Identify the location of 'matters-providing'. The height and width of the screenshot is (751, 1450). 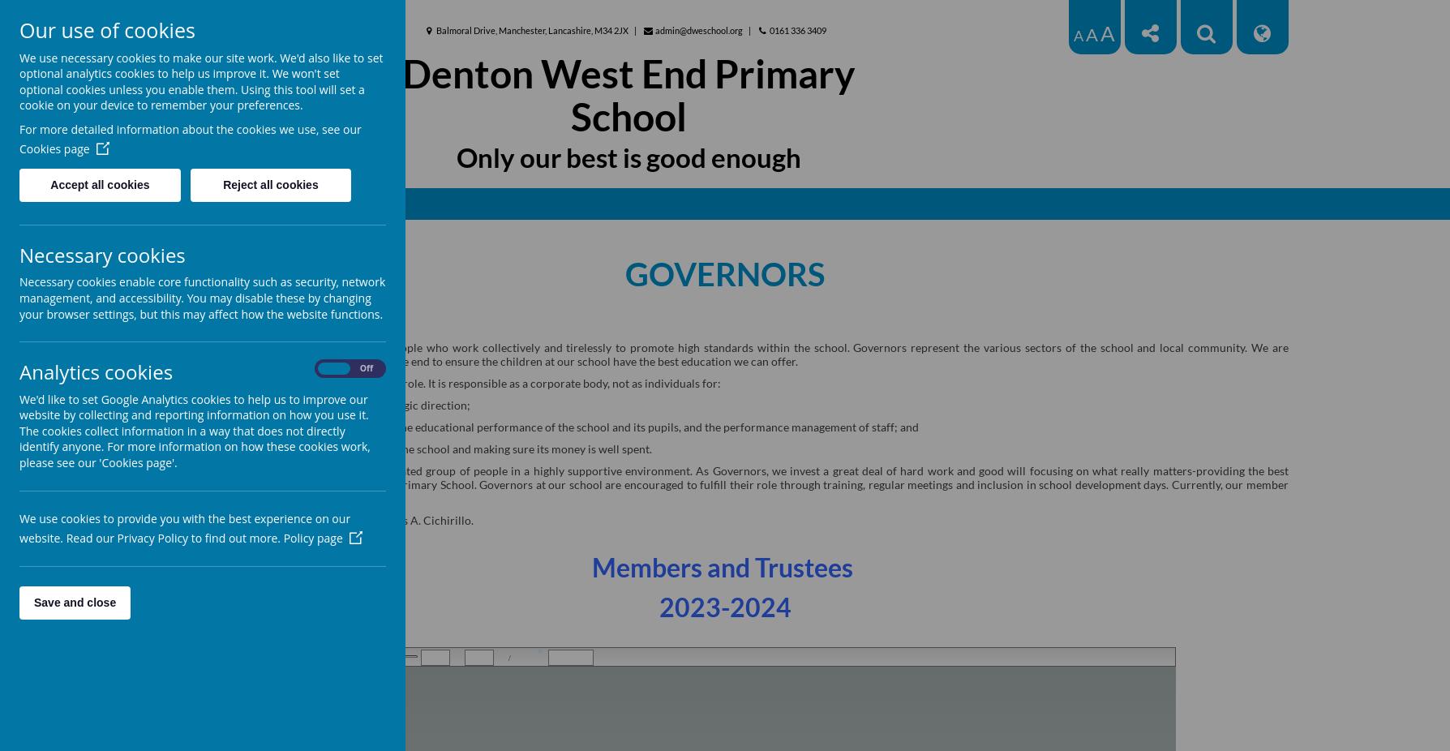
(1198, 469).